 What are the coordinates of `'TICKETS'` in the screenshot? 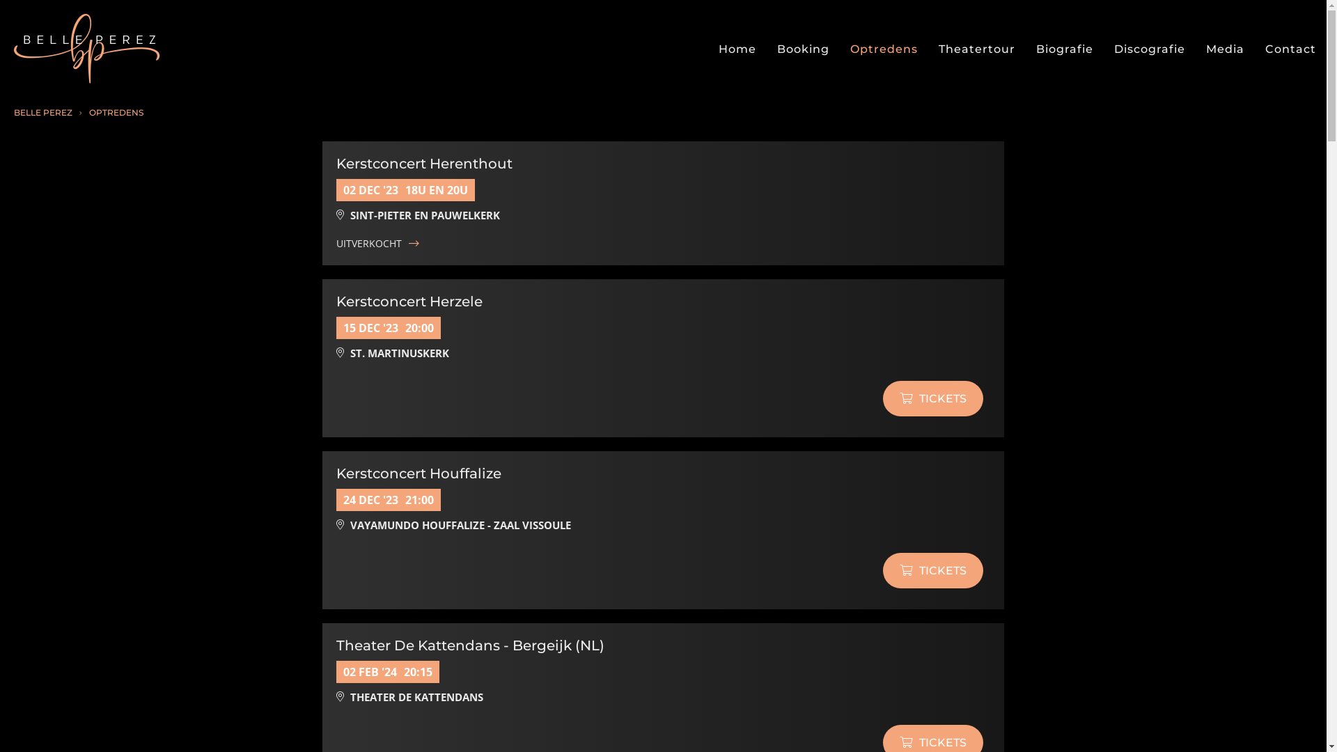 It's located at (932, 398).